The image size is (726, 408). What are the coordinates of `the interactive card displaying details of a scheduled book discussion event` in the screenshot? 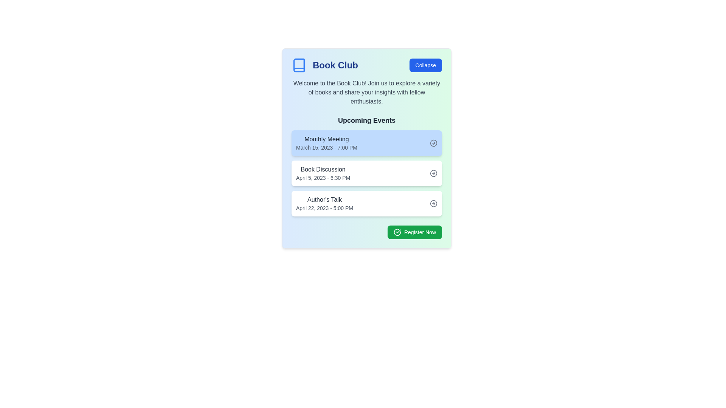 It's located at (366, 173).